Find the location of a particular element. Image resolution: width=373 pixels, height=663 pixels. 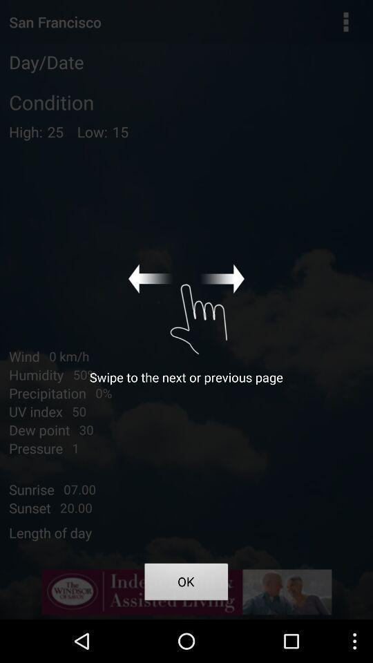

the item below swipe to the is located at coordinates (186, 583).